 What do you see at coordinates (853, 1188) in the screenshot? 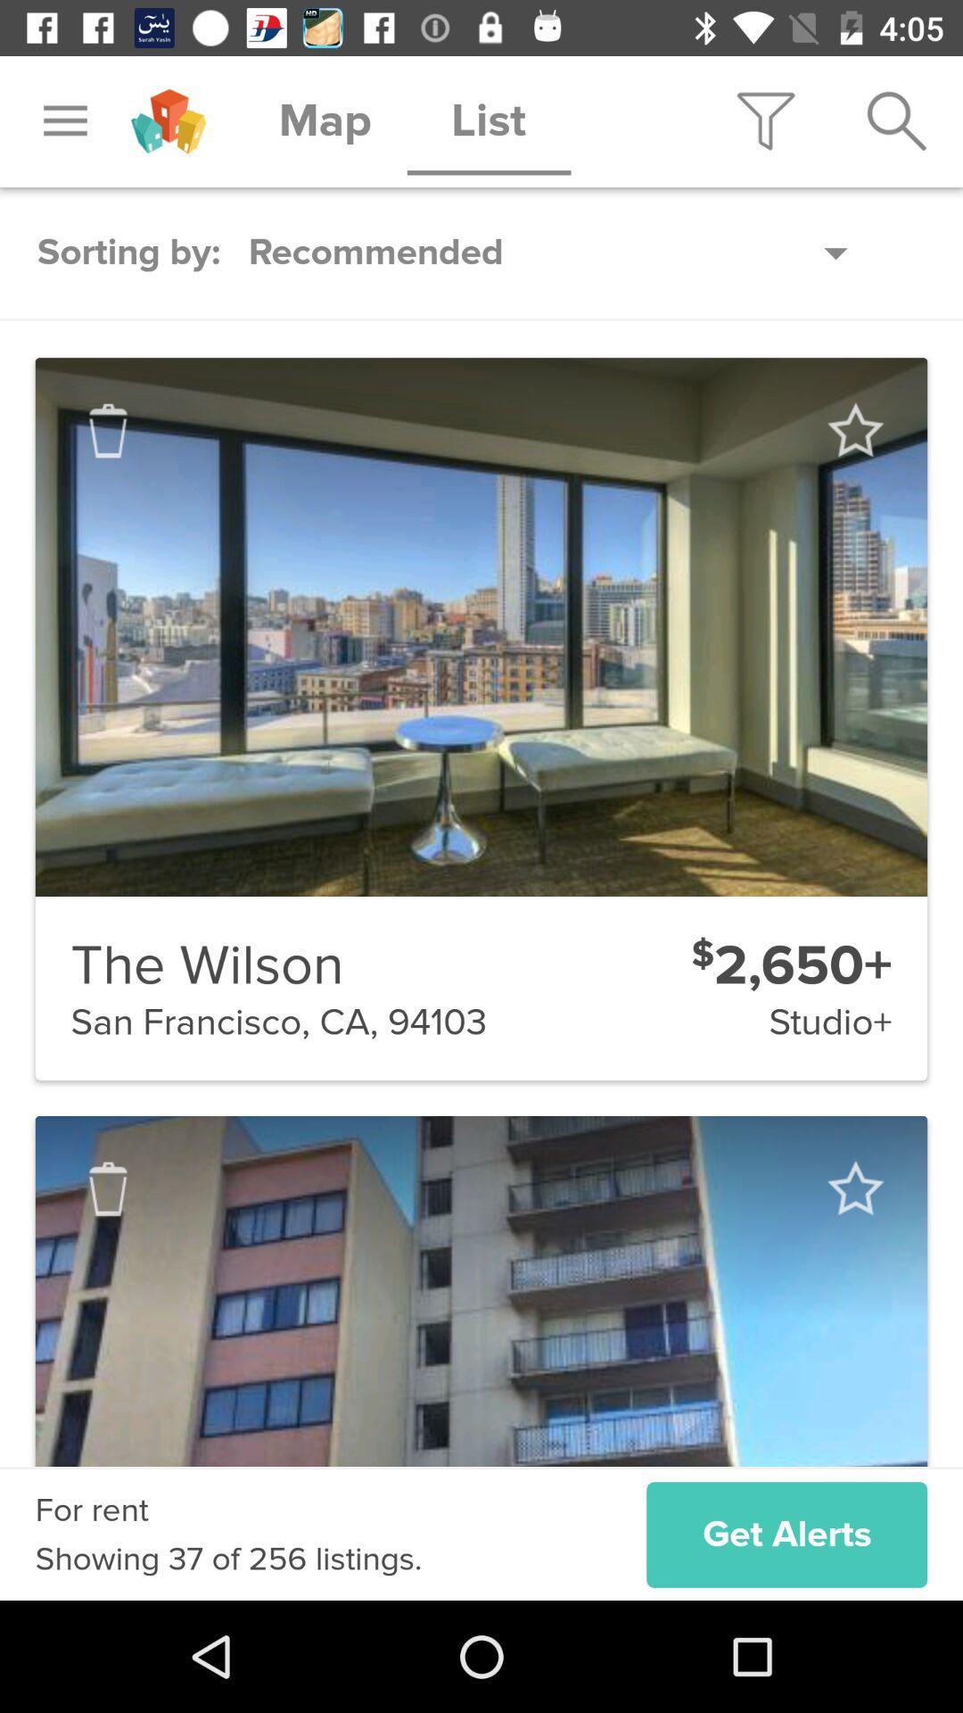
I see `to favorites` at bounding box center [853, 1188].